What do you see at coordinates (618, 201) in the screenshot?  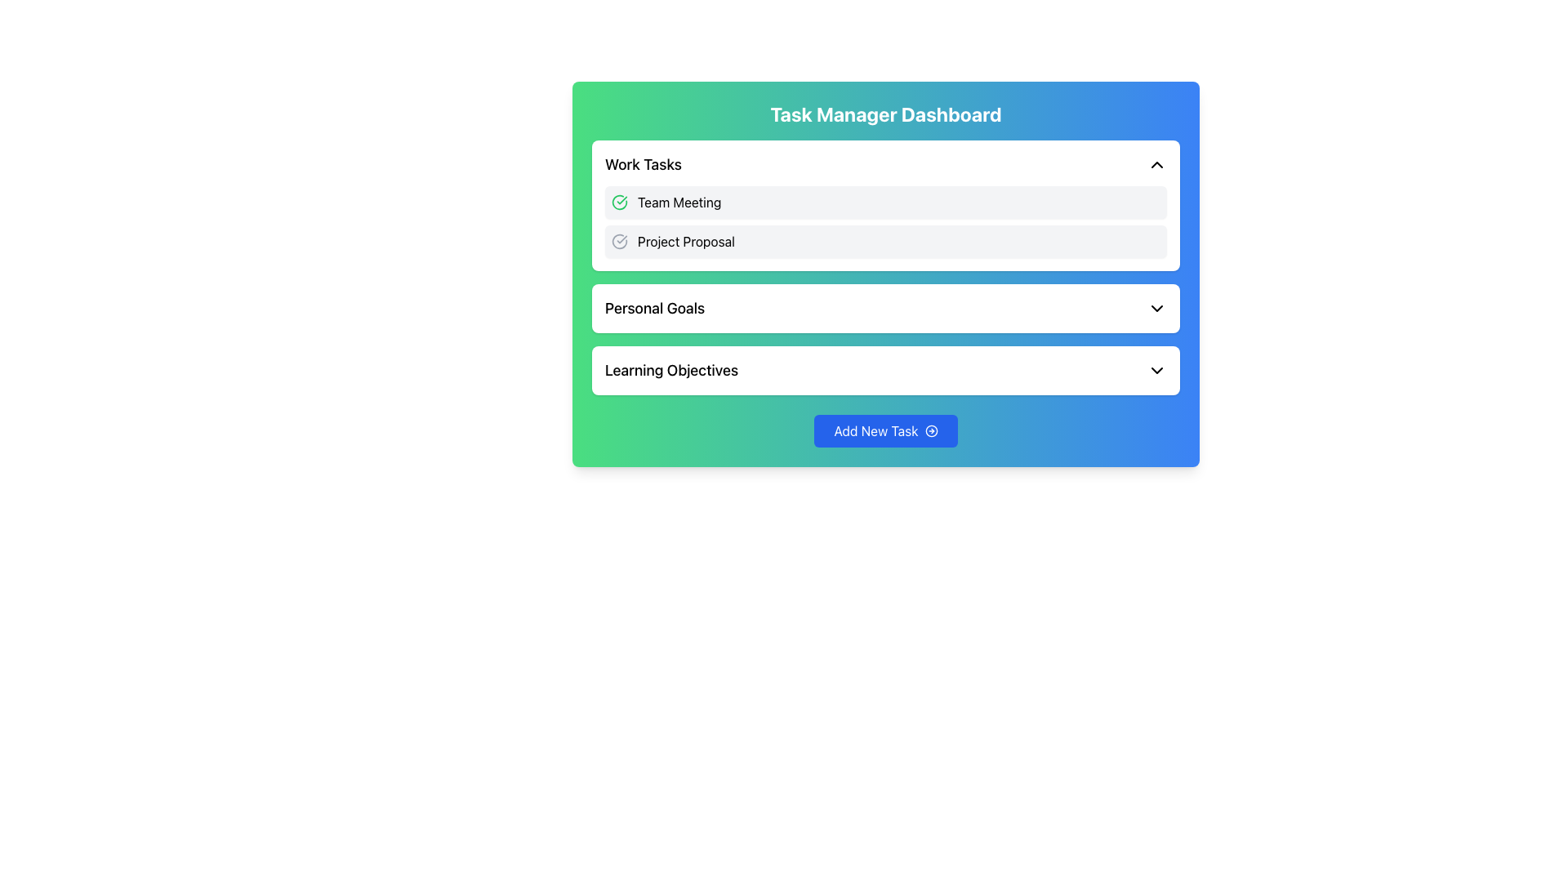 I see `the Status indicator icon (checkmark) which is a circular green icon indicating completion, located to the left of the 'Team Meeting' text label in the 'Work Tasks' section` at bounding box center [618, 201].